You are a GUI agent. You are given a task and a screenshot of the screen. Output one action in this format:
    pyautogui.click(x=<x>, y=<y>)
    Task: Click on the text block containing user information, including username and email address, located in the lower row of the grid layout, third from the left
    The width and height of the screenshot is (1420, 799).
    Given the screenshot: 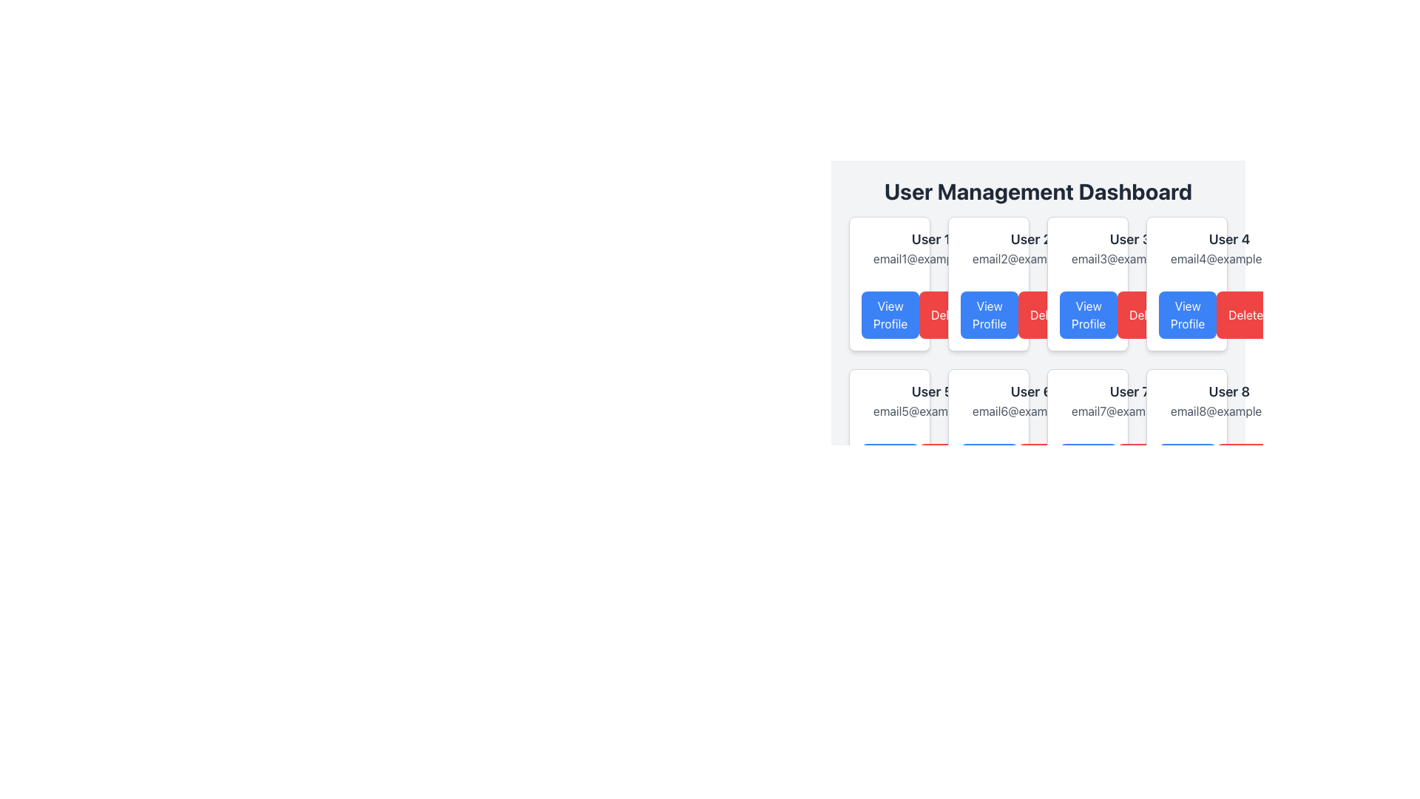 What is the action you would take?
    pyautogui.click(x=1129, y=401)
    